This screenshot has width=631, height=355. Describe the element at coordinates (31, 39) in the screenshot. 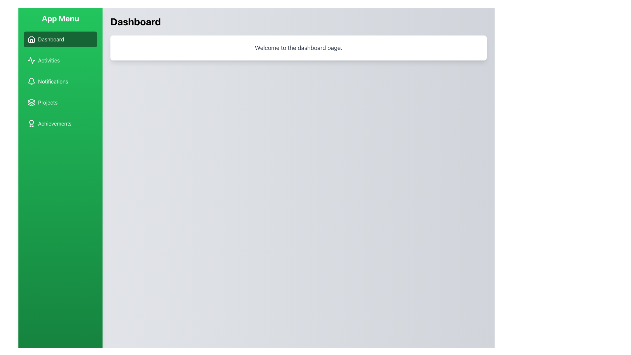

I see `the stylized house icon representing the 'Home' button in the side menu adjacent to the 'Dashboard' text label` at that location.